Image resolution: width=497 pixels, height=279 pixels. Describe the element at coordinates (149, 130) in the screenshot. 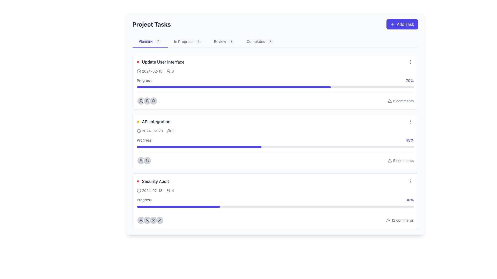

I see `date displayed on the Text label within the task card titled 'API Integration', located between the clock icon and the participant number '2'` at that location.